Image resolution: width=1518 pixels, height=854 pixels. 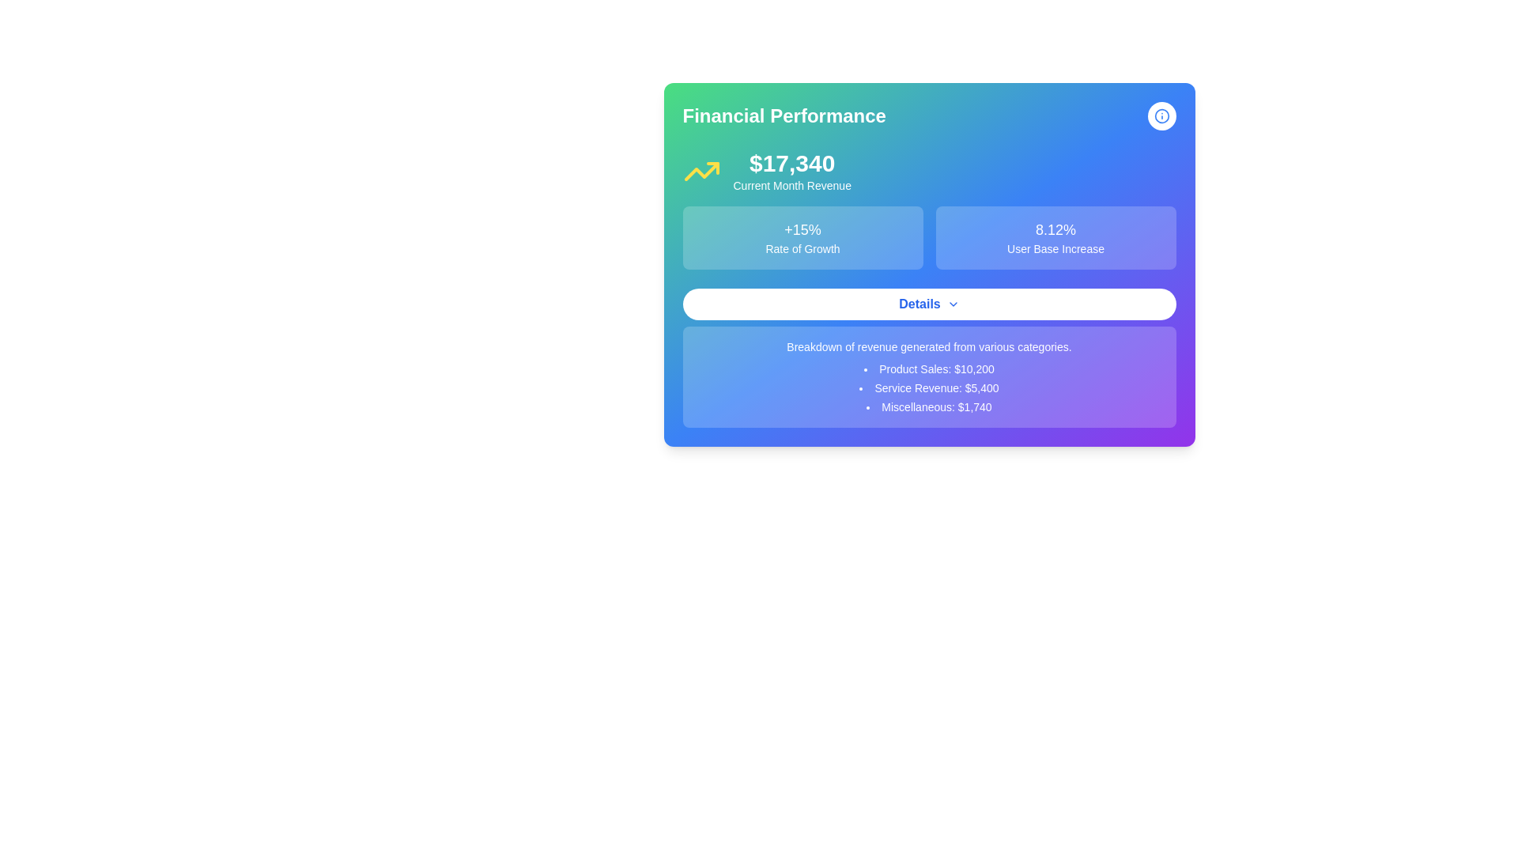 I want to click on contents of the Data Display Panel titled 'Financial Performance' that features a gradient background and displays the current month's revenue, so click(x=929, y=264).